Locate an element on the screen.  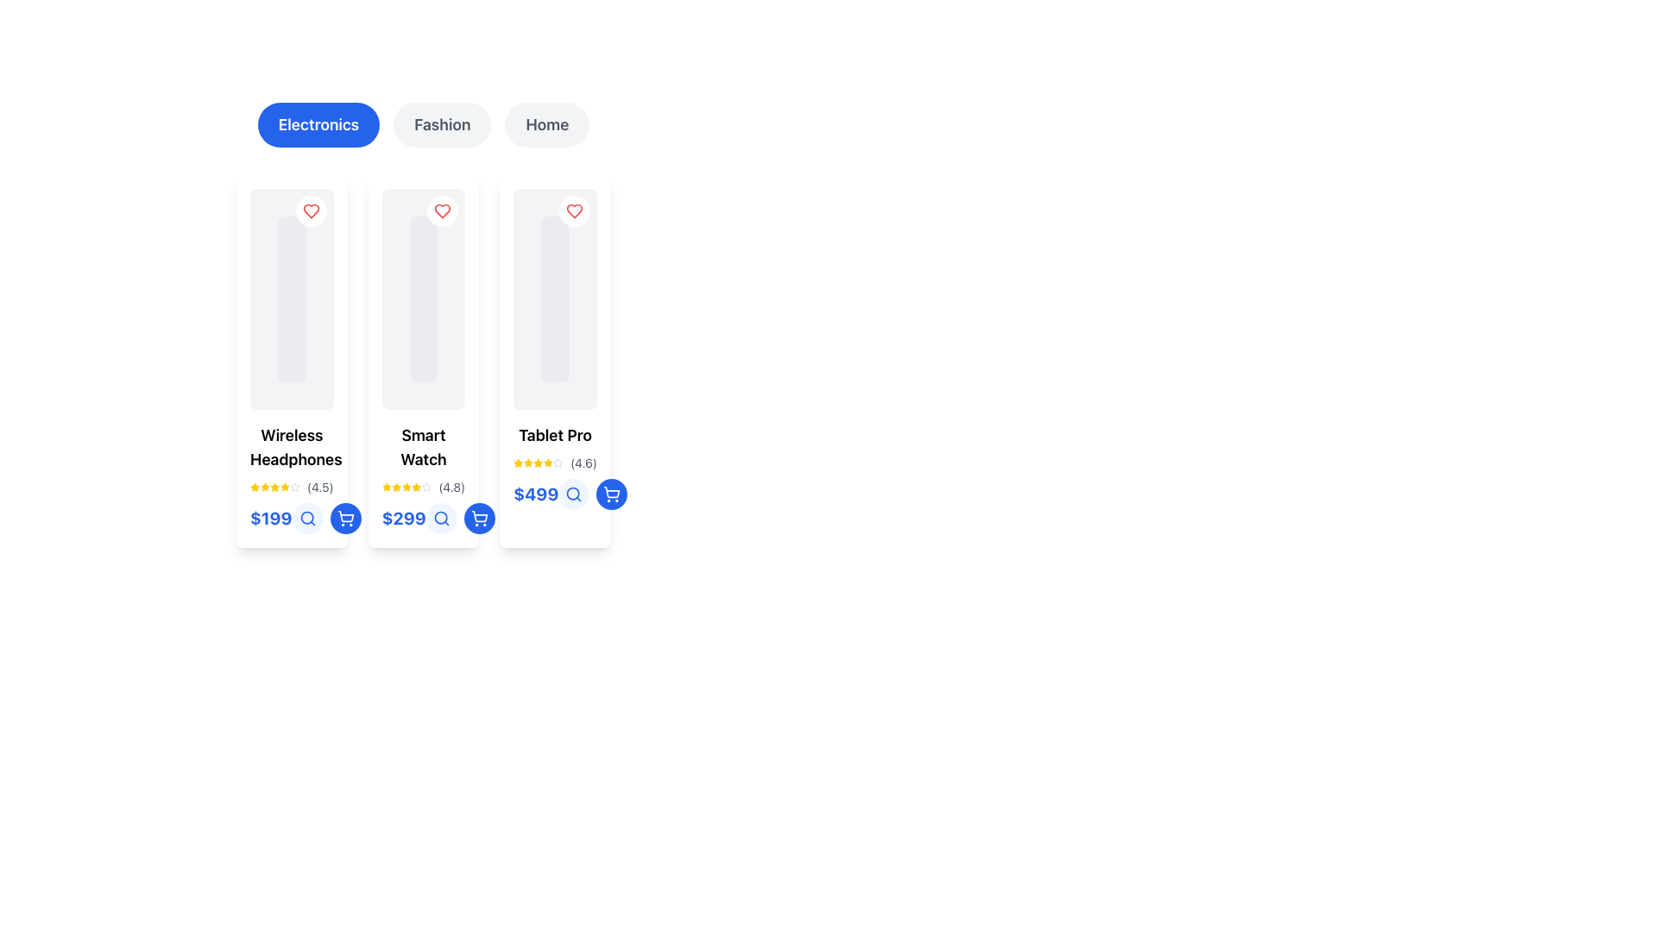
the sixth unfilled rating star icon for the product 'Tablet Pro', which is displayed in a card layout as the third item from the left is located at coordinates (558, 462).